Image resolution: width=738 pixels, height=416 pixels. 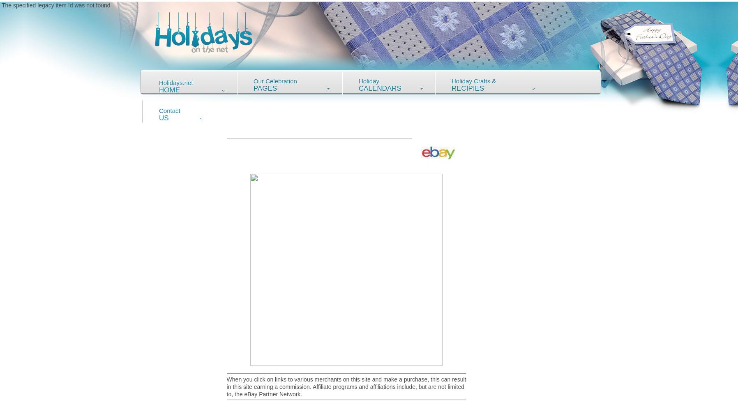 What do you see at coordinates (369, 81) in the screenshot?
I see `'Holiday'` at bounding box center [369, 81].